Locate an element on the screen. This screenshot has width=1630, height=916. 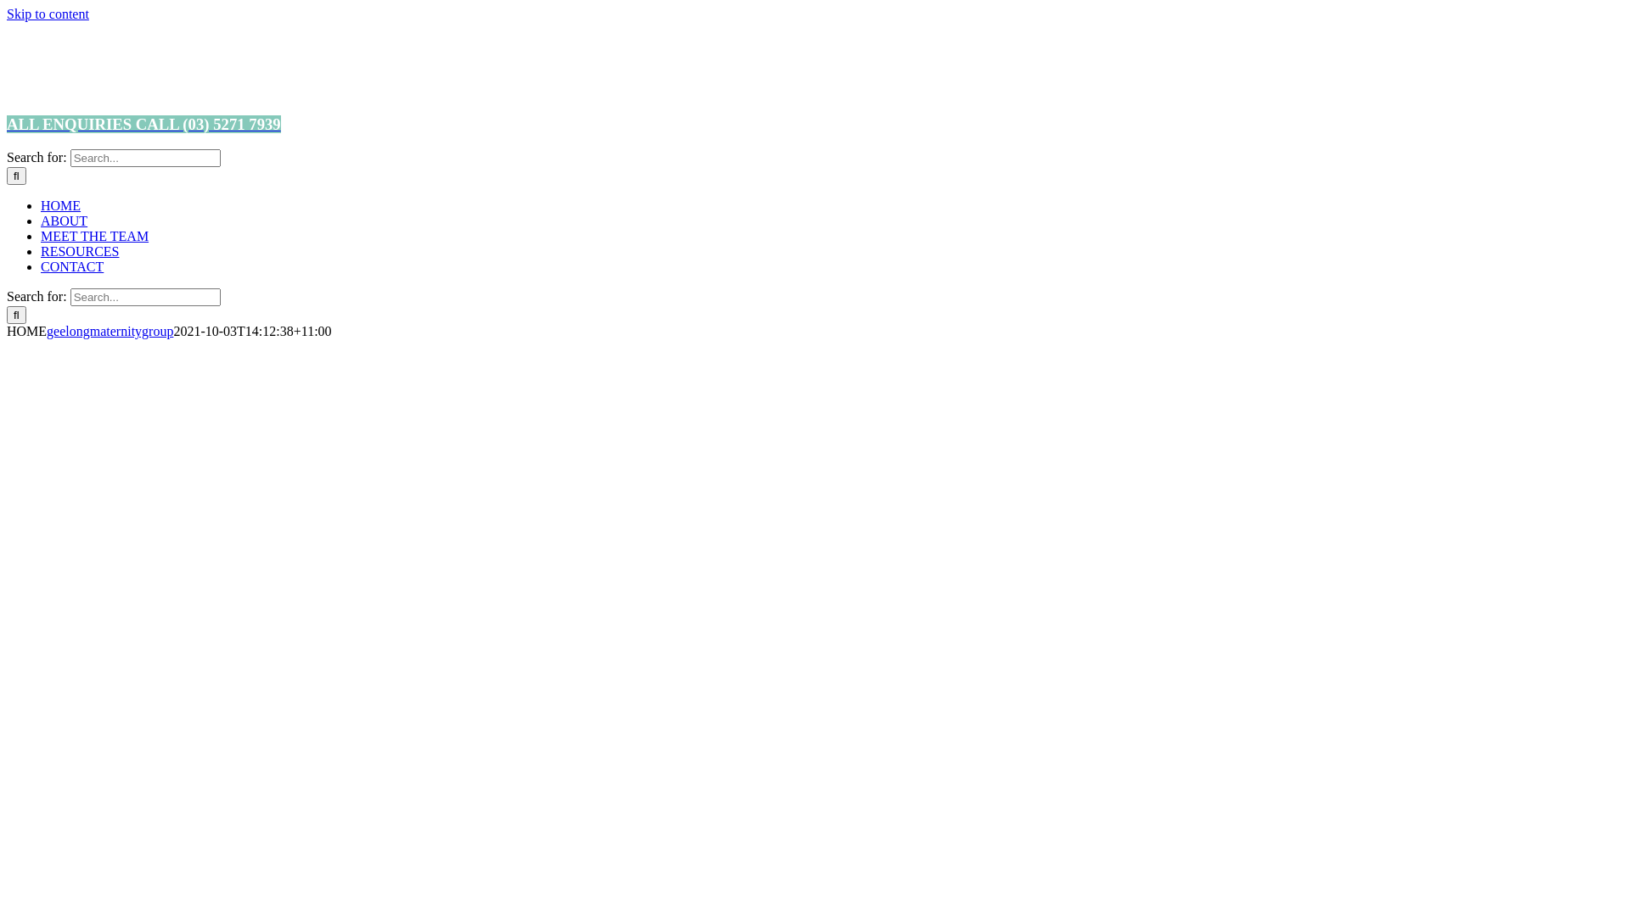
'Skip to content' is located at coordinates (48, 14).